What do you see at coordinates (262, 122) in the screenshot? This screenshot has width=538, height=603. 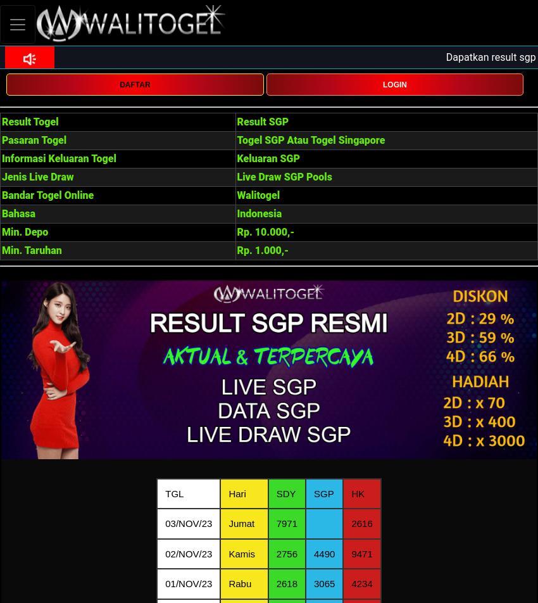 I see `'Result SGP'` at bounding box center [262, 122].